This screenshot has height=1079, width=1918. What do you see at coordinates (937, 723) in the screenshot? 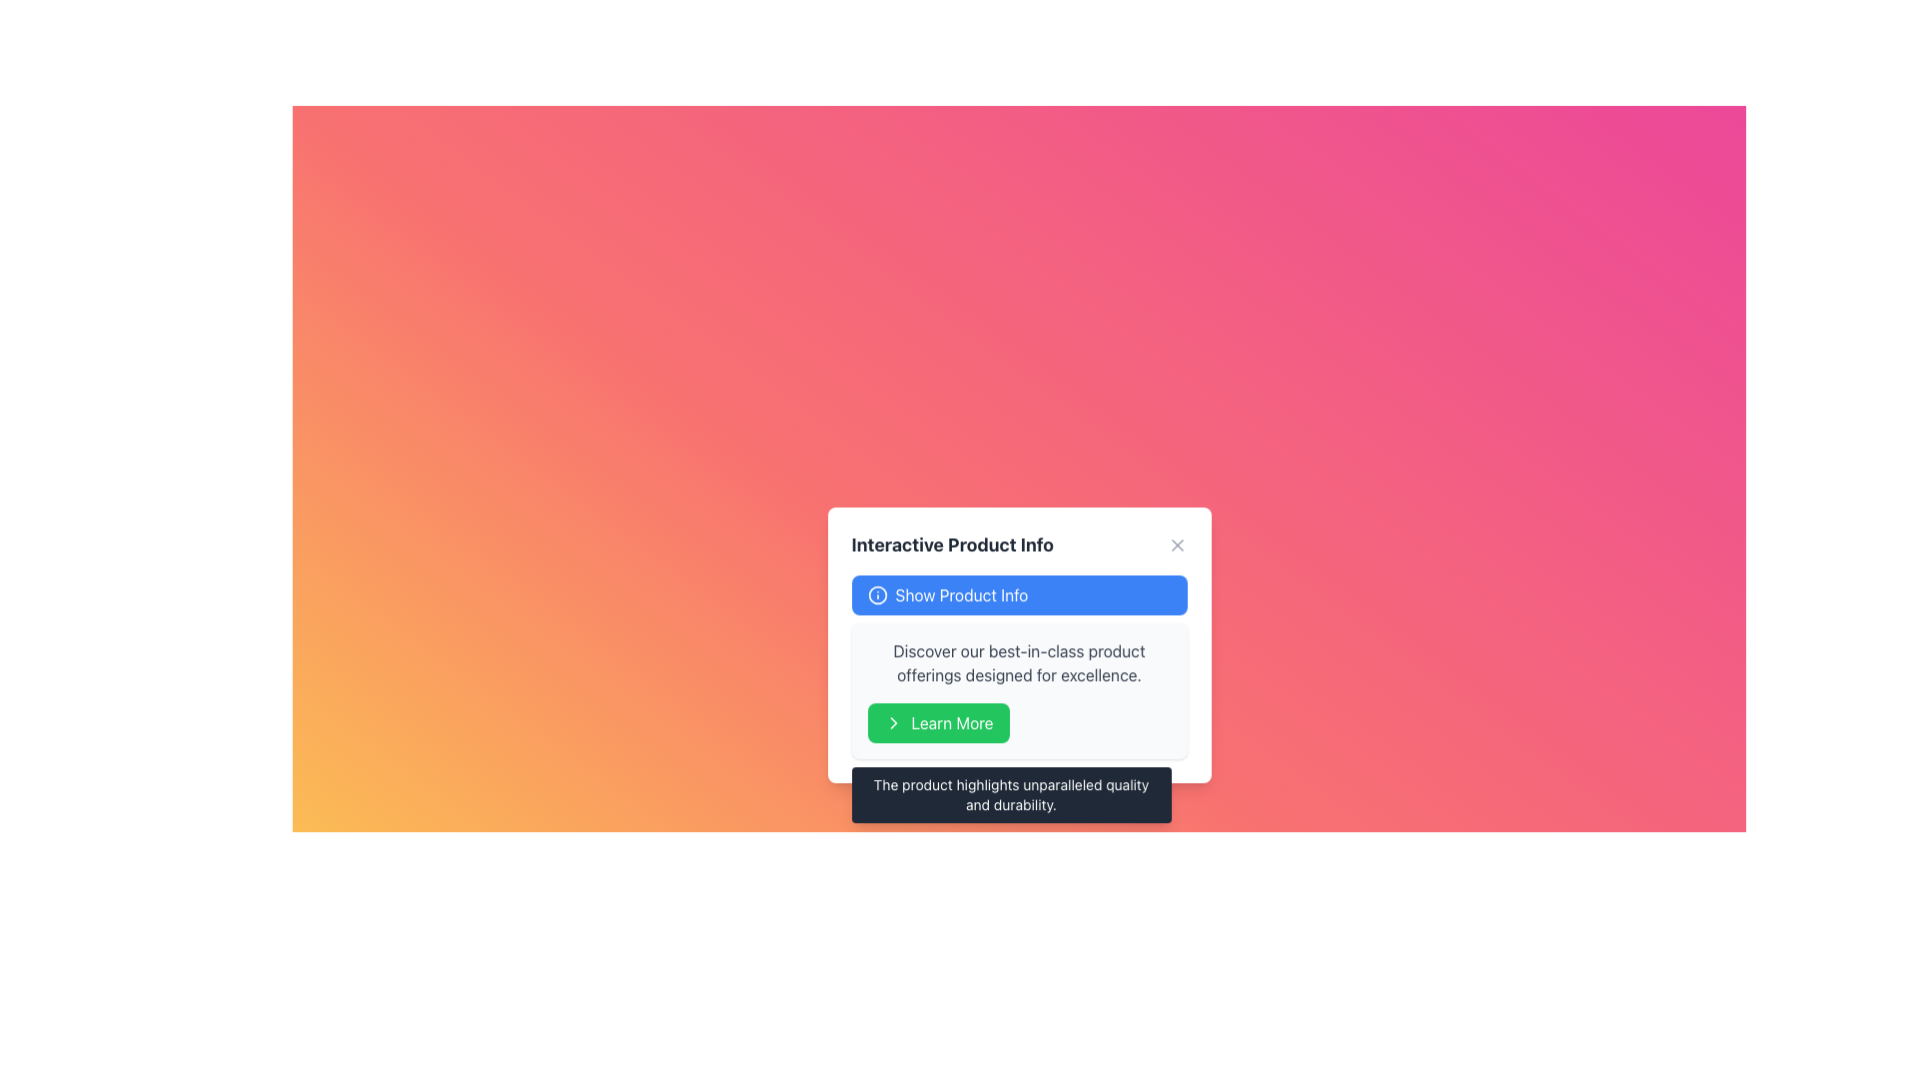
I see `the green 'Learn More' button with rounded corners located near the bottom of the white panel` at bounding box center [937, 723].